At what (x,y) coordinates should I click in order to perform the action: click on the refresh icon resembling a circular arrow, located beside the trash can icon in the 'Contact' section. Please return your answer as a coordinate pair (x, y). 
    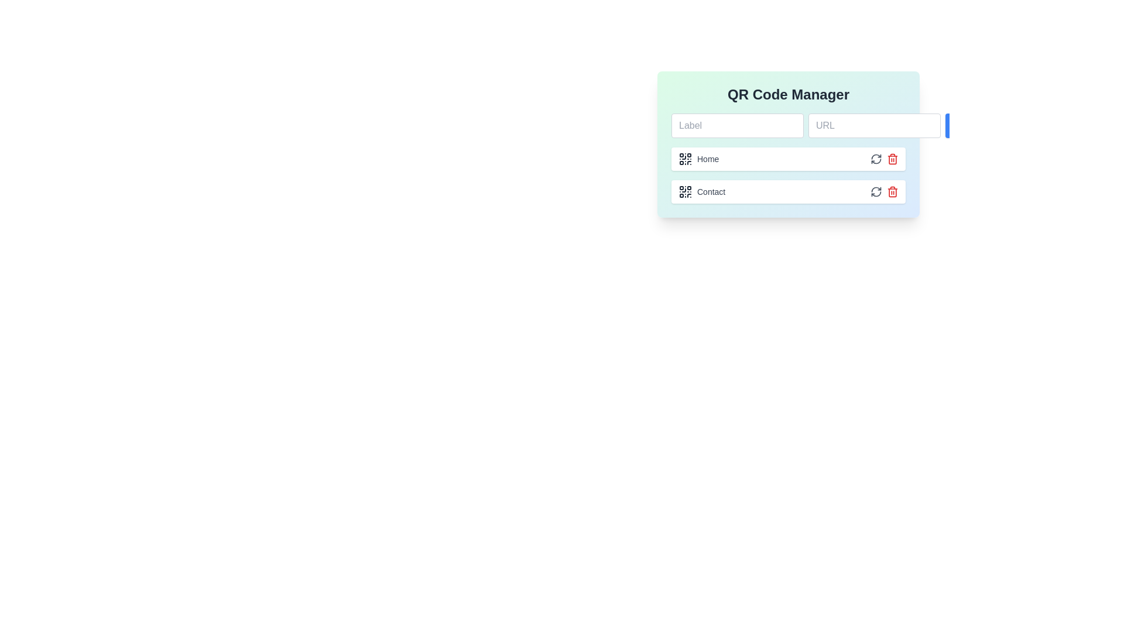
    Looking at the image, I should click on (876, 191).